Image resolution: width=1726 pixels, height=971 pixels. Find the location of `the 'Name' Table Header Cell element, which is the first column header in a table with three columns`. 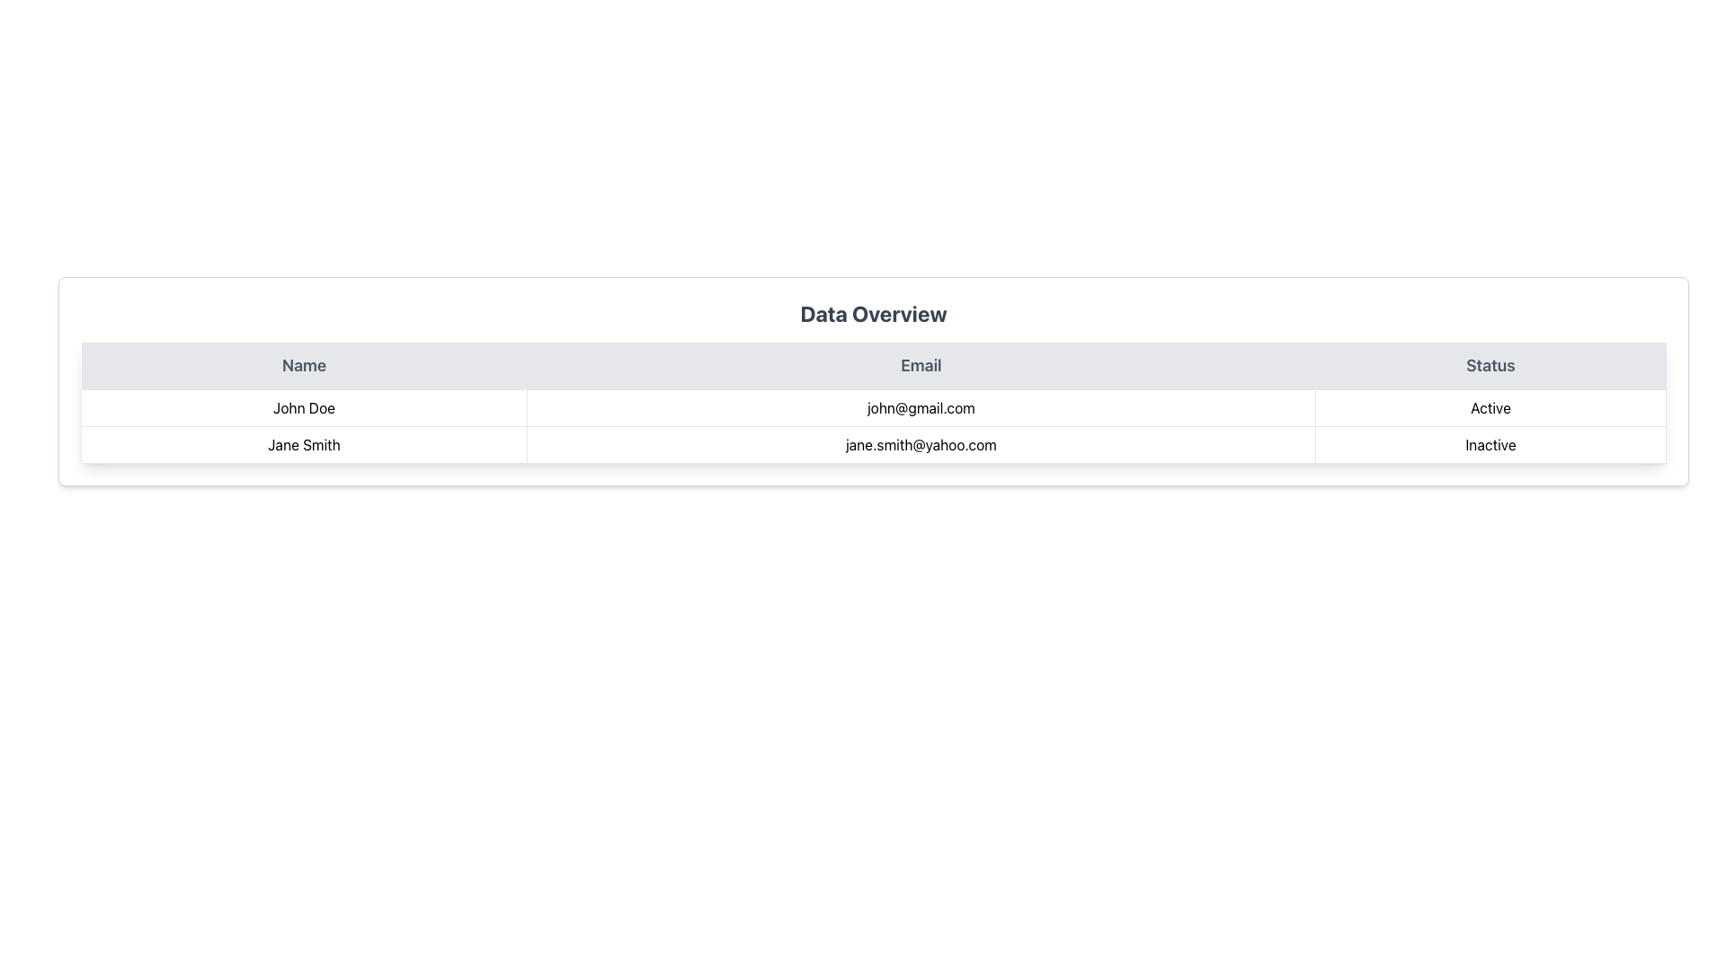

the 'Name' Table Header Cell element, which is the first column header in a table with three columns is located at coordinates (304, 365).